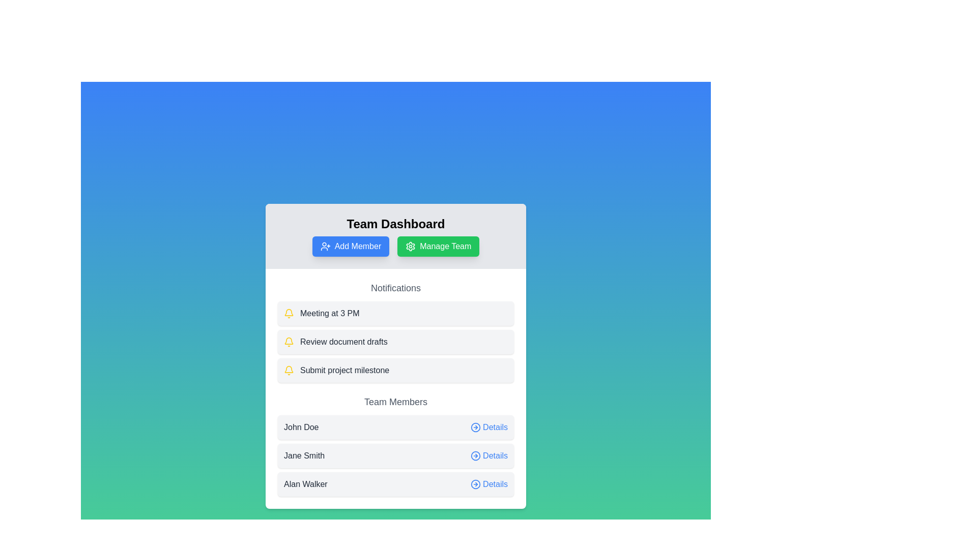 The image size is (977, 549). Describe the element at coordinates (305, 483) in the screenshot. I see `the name label located at the leftmost side of the 'Team Members' section, which identifies an individual in the list of team members` at that location.